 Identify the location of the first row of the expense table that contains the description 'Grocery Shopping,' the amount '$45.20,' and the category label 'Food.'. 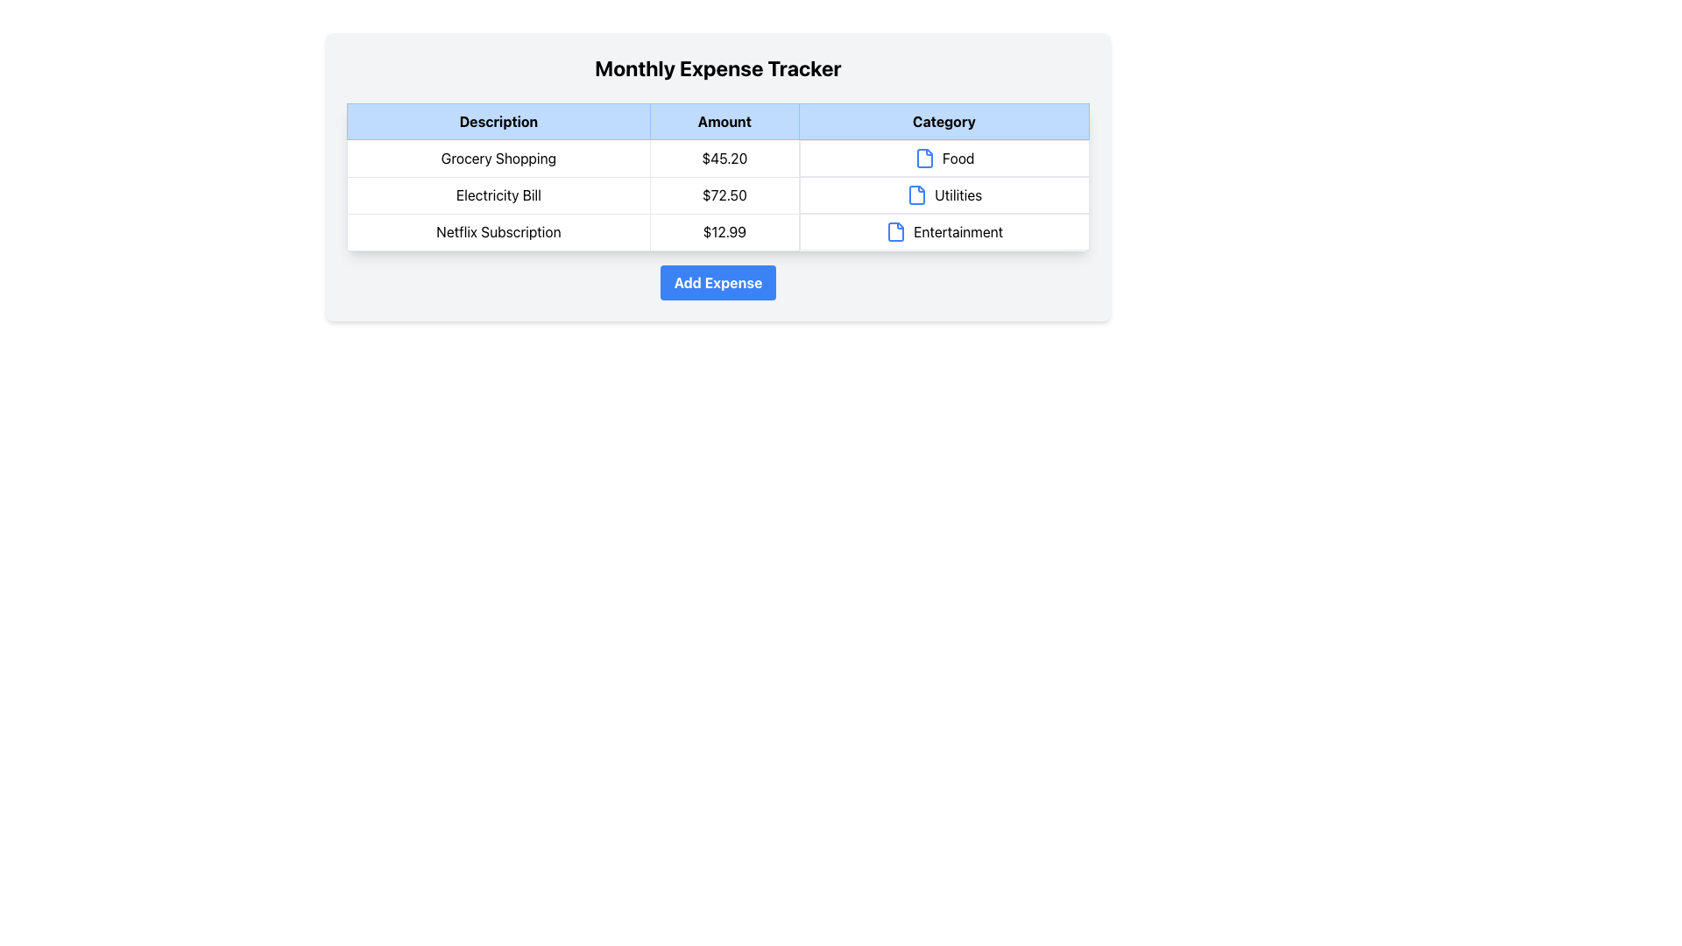
(718, 158).